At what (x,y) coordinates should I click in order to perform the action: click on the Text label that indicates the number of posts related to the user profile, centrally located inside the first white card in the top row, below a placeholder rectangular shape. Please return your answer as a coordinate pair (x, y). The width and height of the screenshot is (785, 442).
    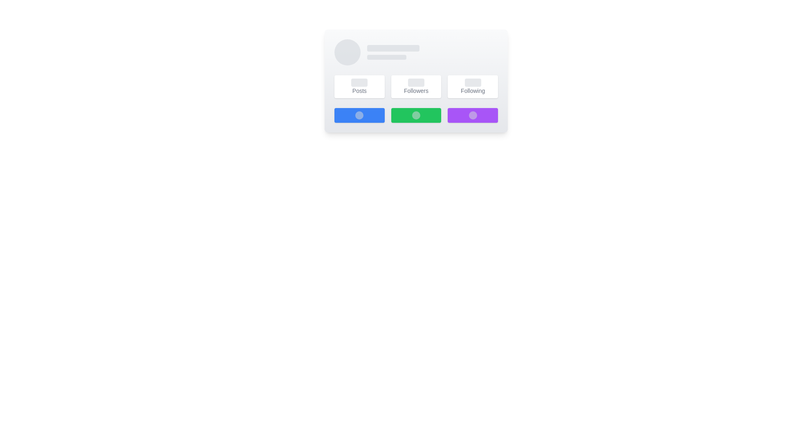
    Looking at the image, I should click on (359, 91).